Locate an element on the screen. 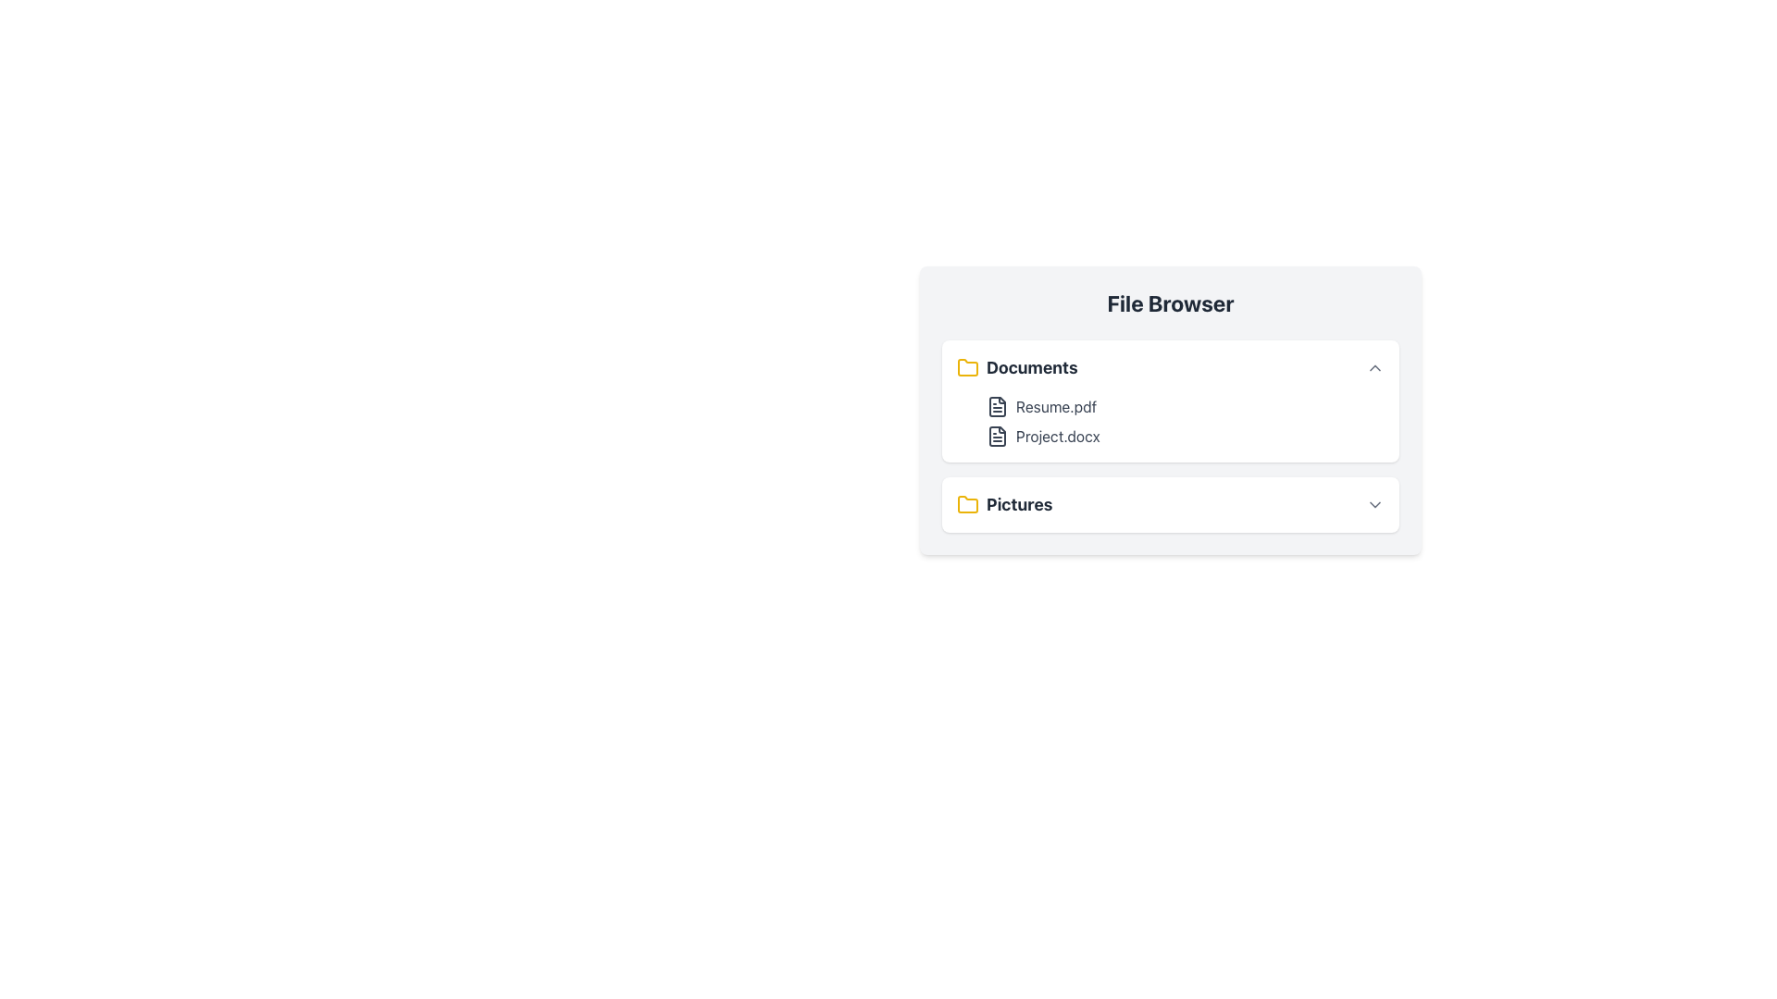 This screenshot has height=999, width=1777. the toggle button located to the right of the 'Pictures' label is located at coordinates (1375, 505).